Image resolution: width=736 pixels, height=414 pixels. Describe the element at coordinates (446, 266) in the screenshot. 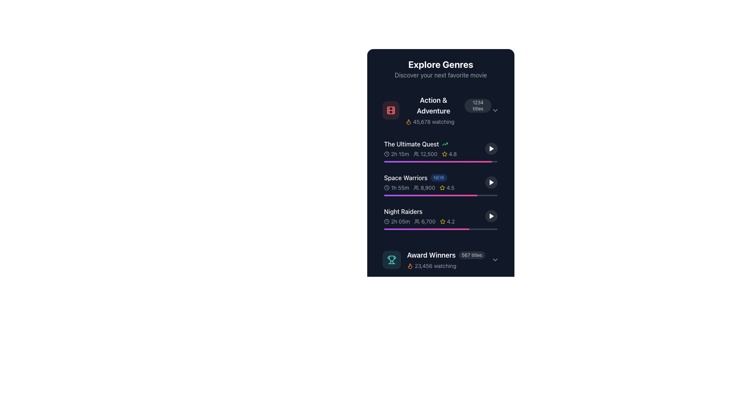

I see `the text element displaying '23,456 watching' with an orange flame icon, located below the 'Award Winners' title in the 'Explore Genres' section` at that location.